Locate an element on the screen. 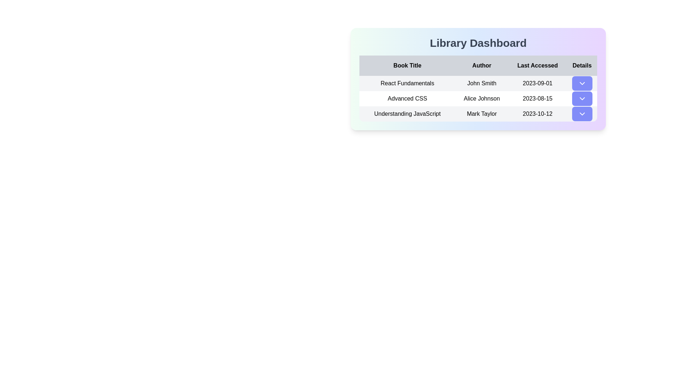 This screenshot has width=697, height=392. the 'Advanced CSS' text label element located in the 'Book Title' column of the library dashboard interface is located at coordinates (407, 99).